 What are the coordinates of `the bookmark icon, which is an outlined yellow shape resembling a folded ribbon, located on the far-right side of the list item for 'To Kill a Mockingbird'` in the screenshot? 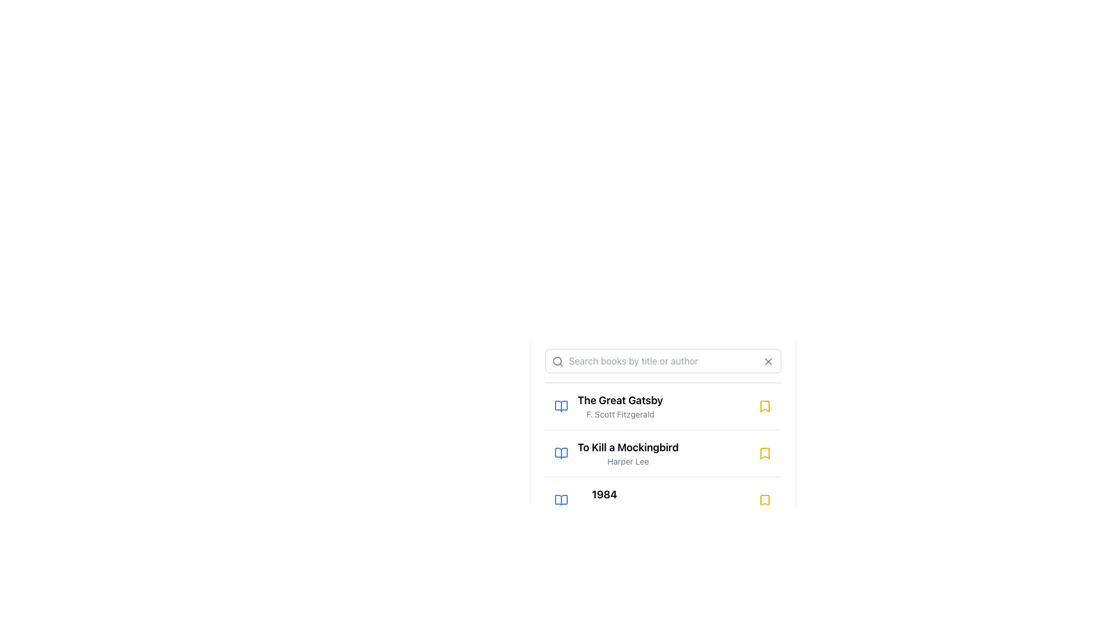 It's located at (765, 452).